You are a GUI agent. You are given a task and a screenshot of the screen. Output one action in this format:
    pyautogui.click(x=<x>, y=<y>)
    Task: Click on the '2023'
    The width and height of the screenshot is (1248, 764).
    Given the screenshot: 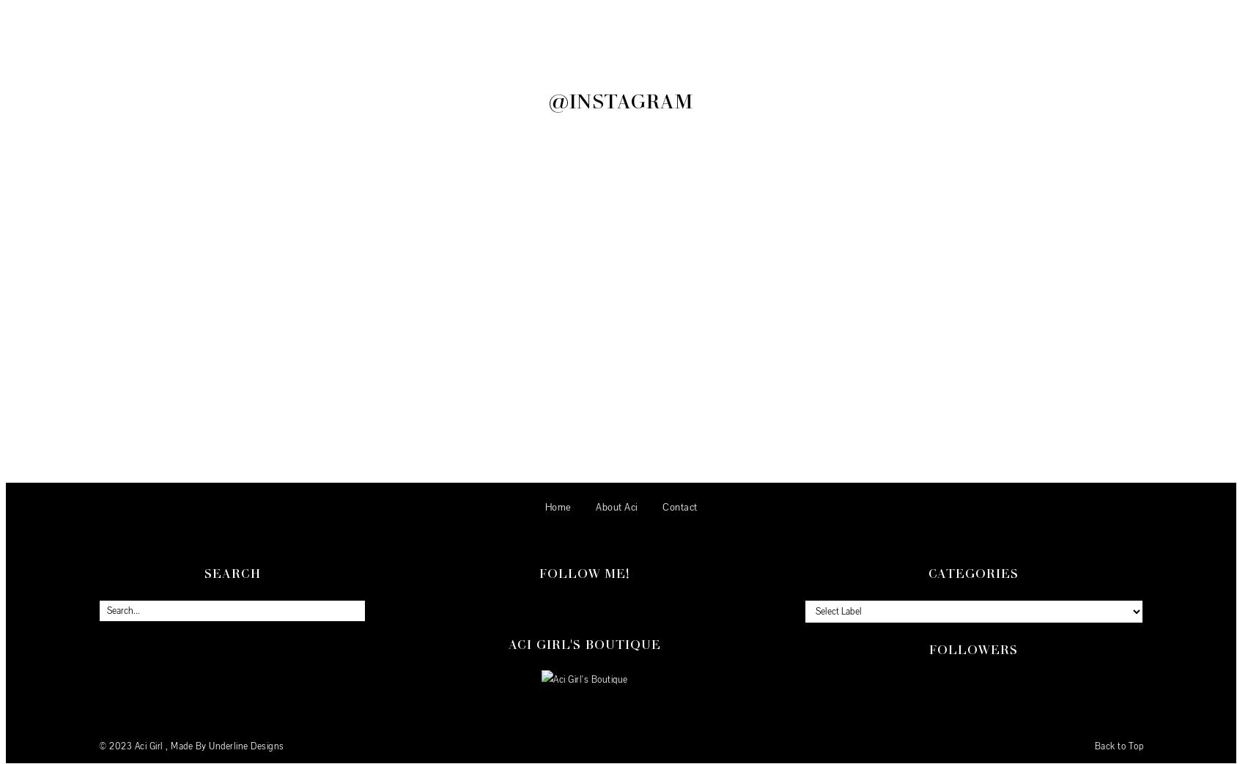 What is the action you would take?
    pyautogui.click(x=122, y=746)
    